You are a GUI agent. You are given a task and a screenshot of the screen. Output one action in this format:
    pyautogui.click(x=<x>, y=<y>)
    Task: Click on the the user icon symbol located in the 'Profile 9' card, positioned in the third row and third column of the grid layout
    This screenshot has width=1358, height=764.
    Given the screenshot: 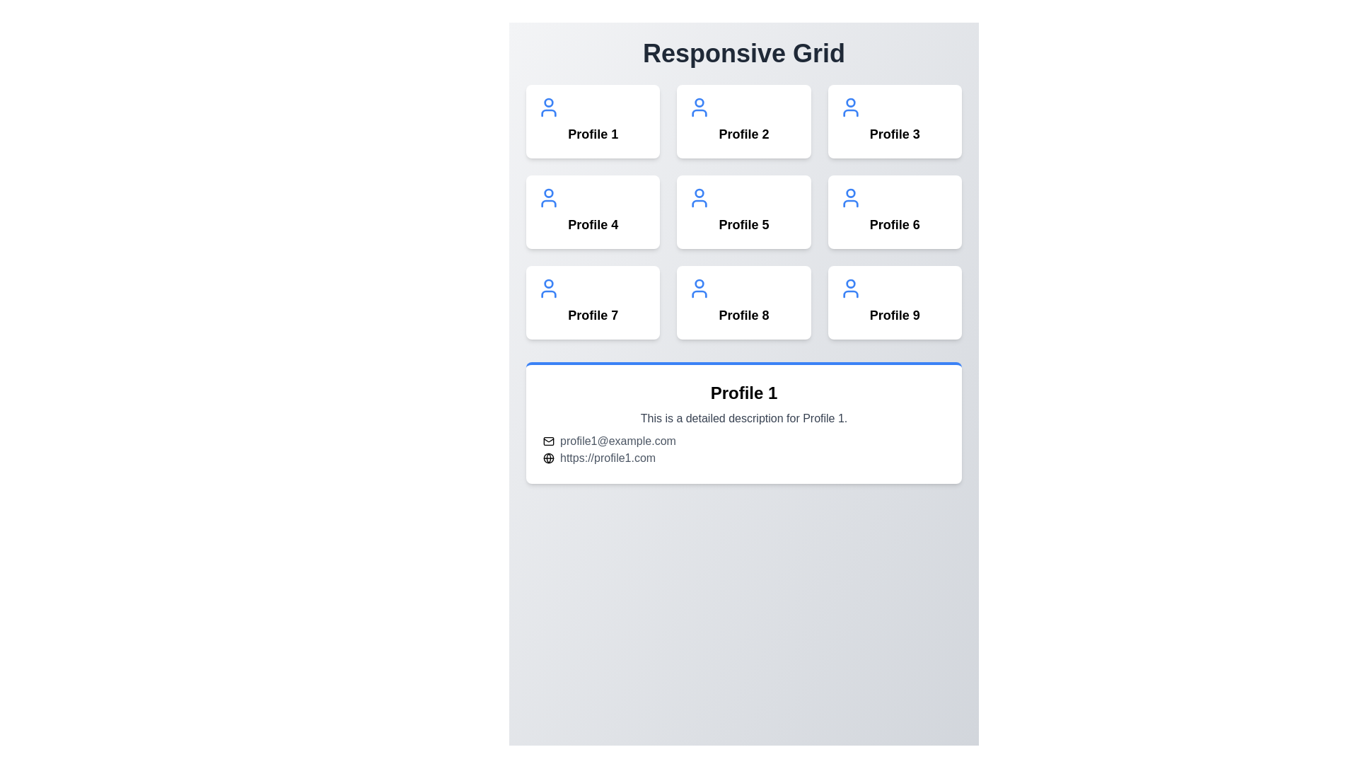 What is the action you would take?
    pyautogui.click(x=849, y=288)
    